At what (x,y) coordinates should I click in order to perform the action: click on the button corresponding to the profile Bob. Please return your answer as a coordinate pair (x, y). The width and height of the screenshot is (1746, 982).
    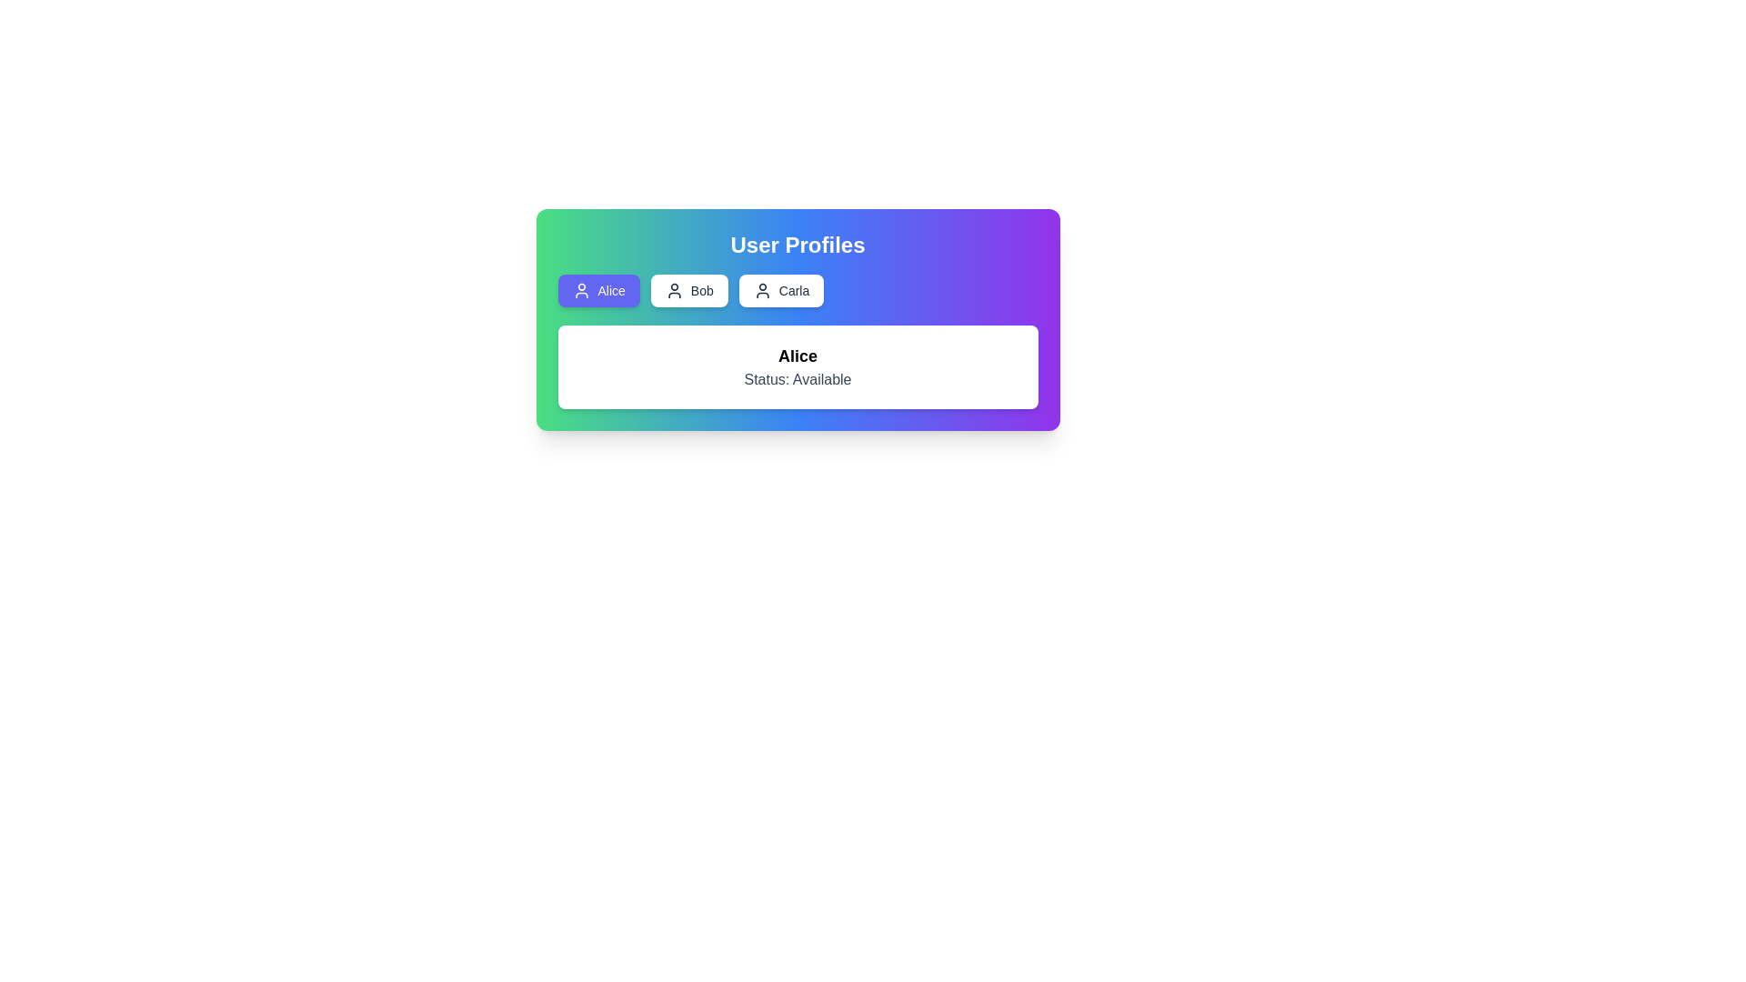
    Looking at the image, I should click on (688, 290).